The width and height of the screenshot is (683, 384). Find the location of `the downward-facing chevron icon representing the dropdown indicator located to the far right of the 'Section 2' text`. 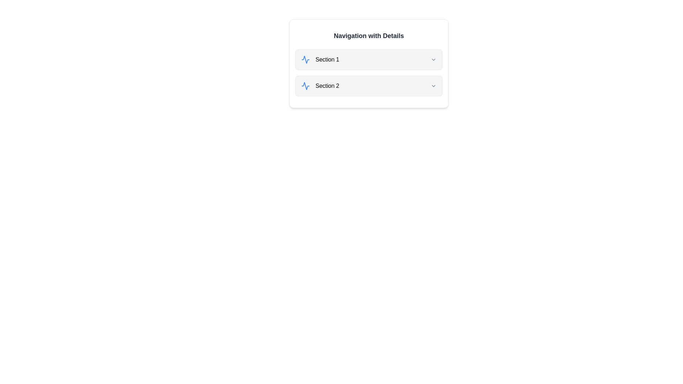

the downward-facing chevron icon representing the dropdown indicator located to the far right of the 'Section 2' text is located at coordinates (433, 86).